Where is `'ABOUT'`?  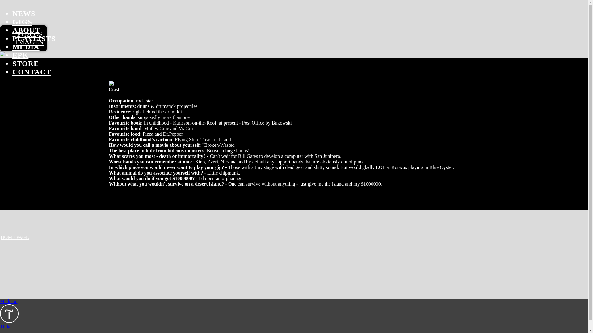
'ABOUT' is located at coordinates (26, 30).